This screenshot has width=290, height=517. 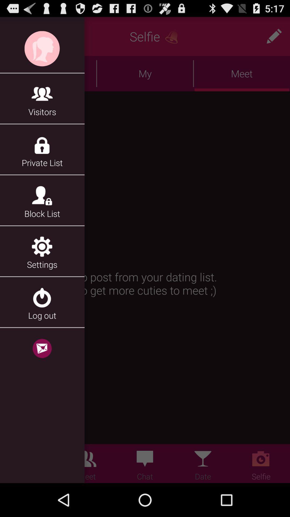 I want to click on the edit icon, so click(x=274, y=39).